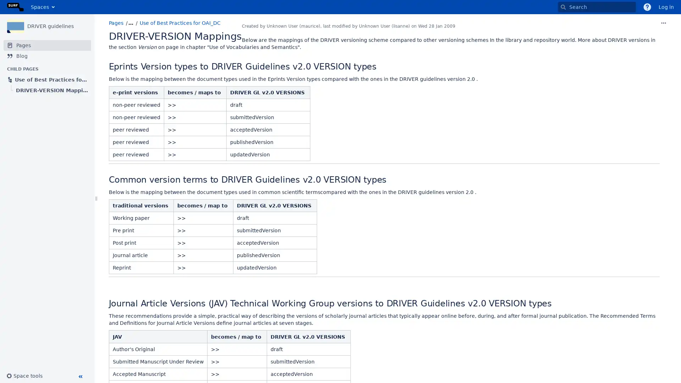 This screenshot has width=681, height=383. I want to click on Collapse sidebar ( [ ), so click(80, 376).